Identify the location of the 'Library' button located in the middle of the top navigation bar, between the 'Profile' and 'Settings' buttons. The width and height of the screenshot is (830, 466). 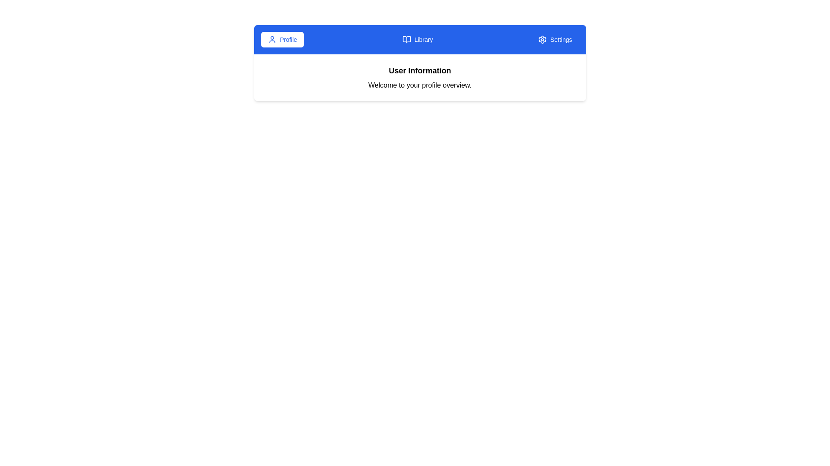
(417, 40).